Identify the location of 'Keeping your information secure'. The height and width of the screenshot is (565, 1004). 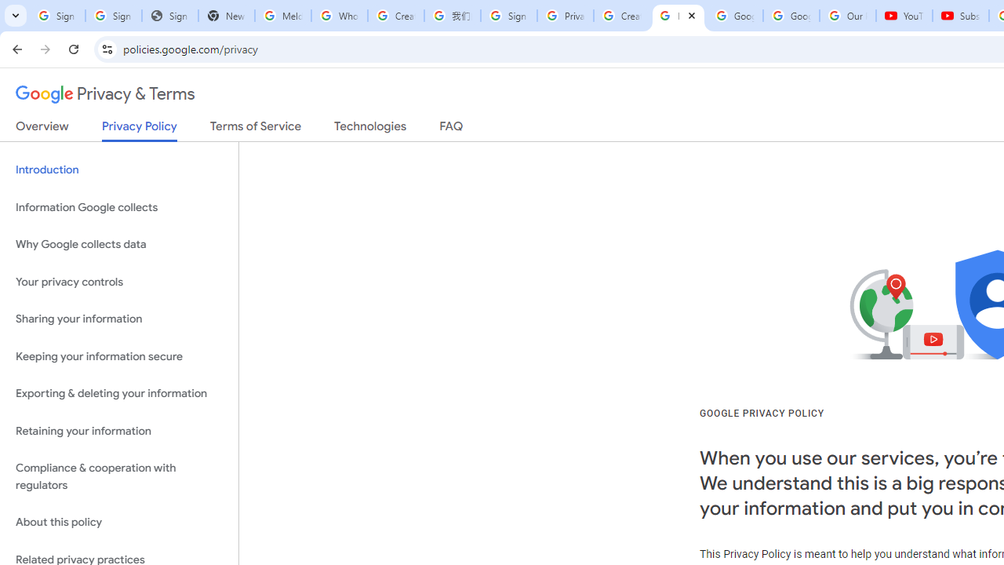
(118, 356).